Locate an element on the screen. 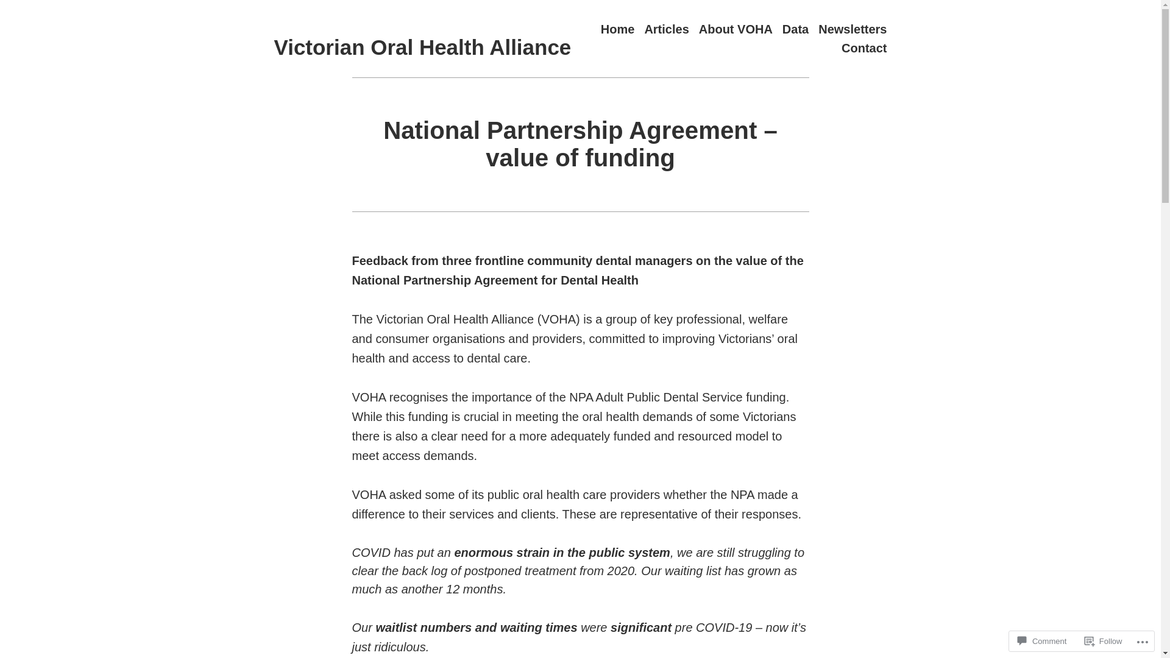  'Newsletters' is located at coordinates (851, 28).